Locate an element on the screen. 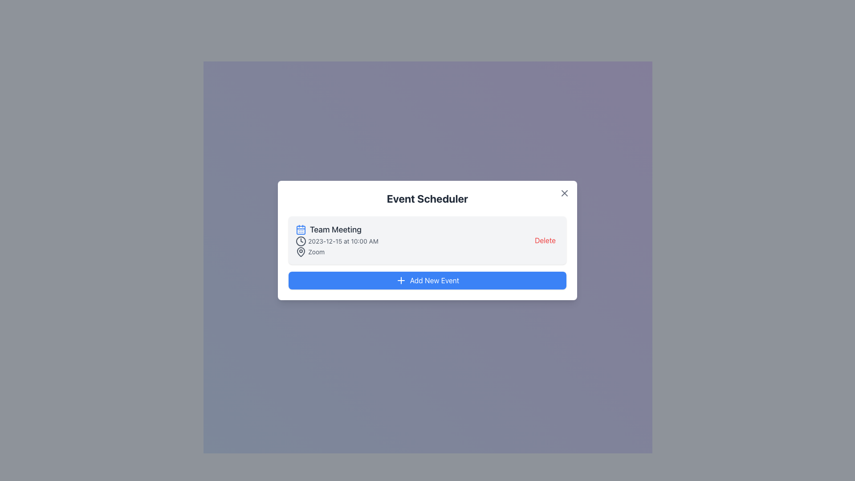 The image size is (855, 481). event details from the Event Panel labeled 'Team Meeting' with scheduled date and time '2023-12-15 at 10:00 AM' and location 'Zoom' is located at coordinates (427, 240).